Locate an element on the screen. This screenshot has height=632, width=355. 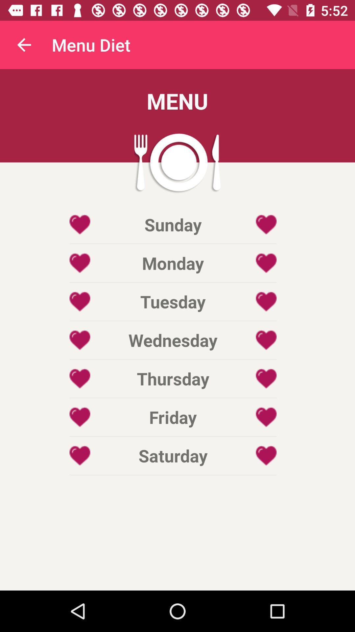
the monday is located at coordinates (173, 263).